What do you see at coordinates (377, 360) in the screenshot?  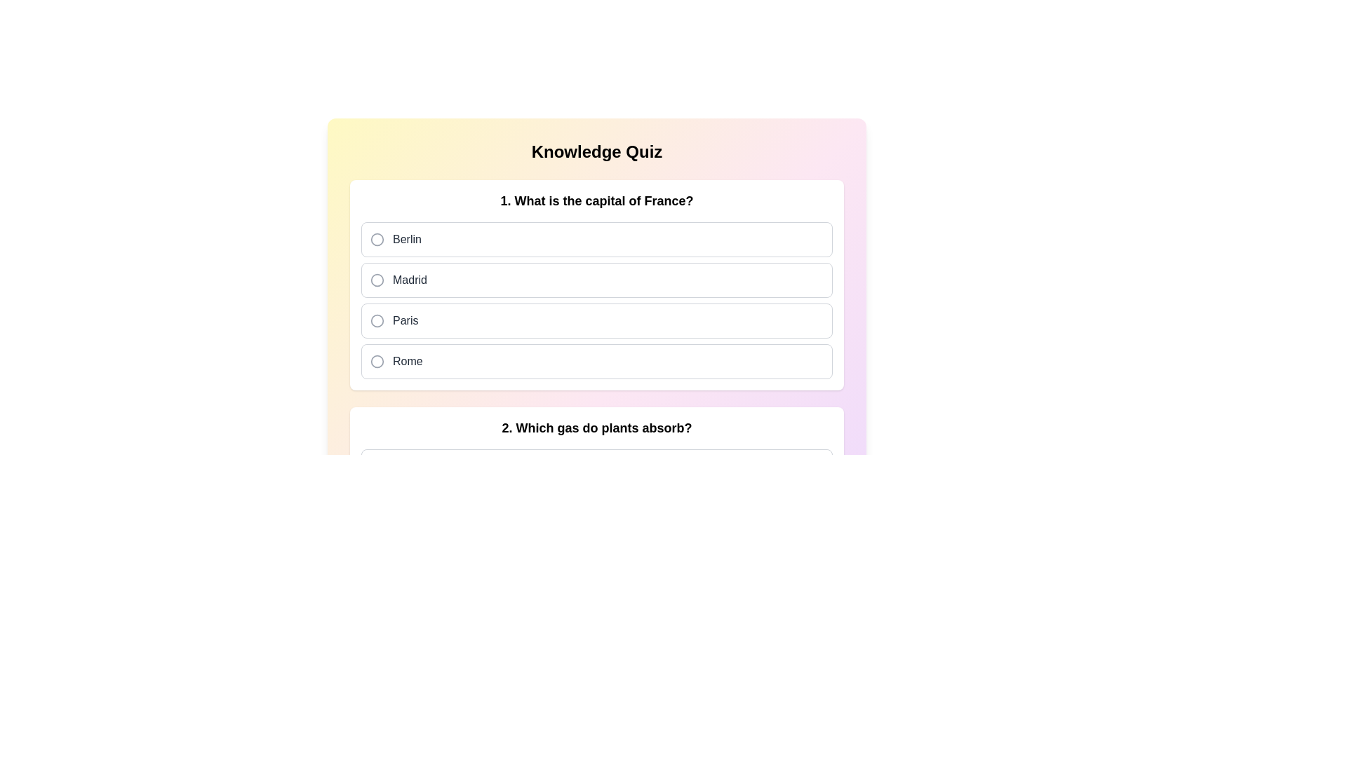 I see `the radio button indicator represented as a hollow circular outline beside the text option 'Rome' in the quiz interface` at bounding box center [377, 360].